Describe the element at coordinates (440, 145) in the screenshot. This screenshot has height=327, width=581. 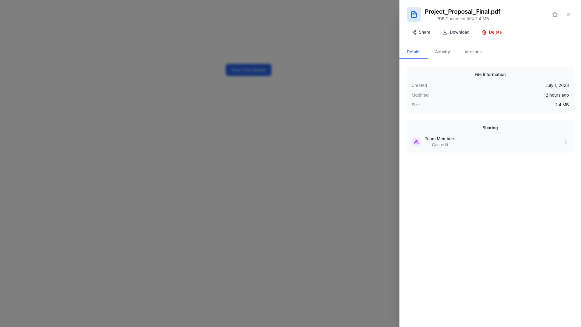
I see `the Text label indicating editing rights for the associated team members in the 'Sharing' section, located beneath 'Team Members'` at that location.